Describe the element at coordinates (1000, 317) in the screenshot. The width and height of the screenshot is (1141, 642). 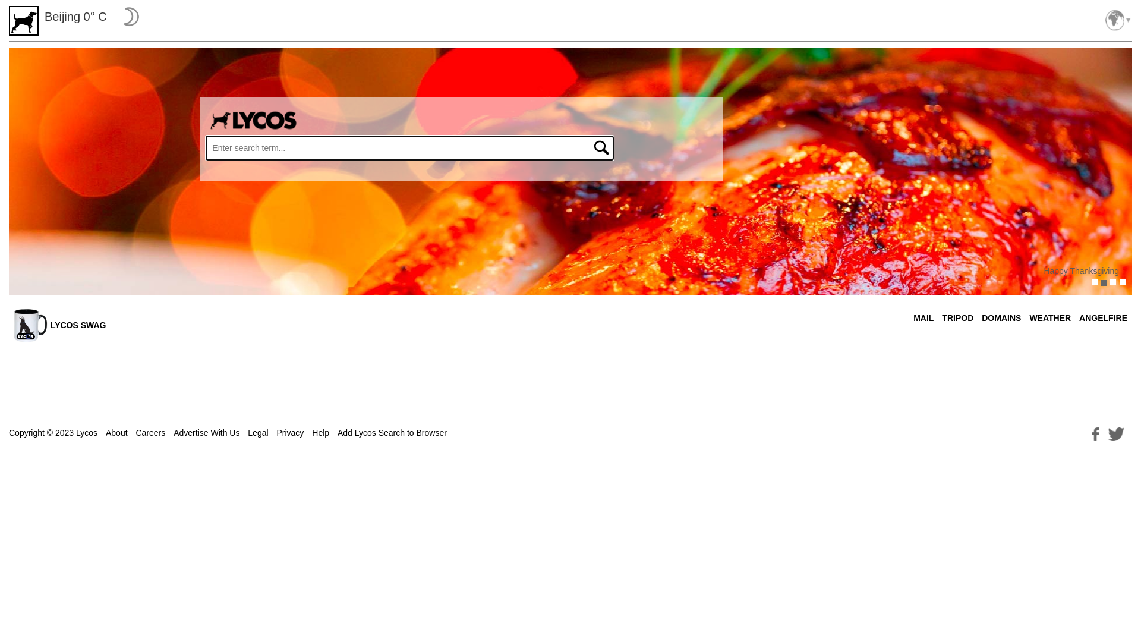
I see `'DOMAINS'` at that location.